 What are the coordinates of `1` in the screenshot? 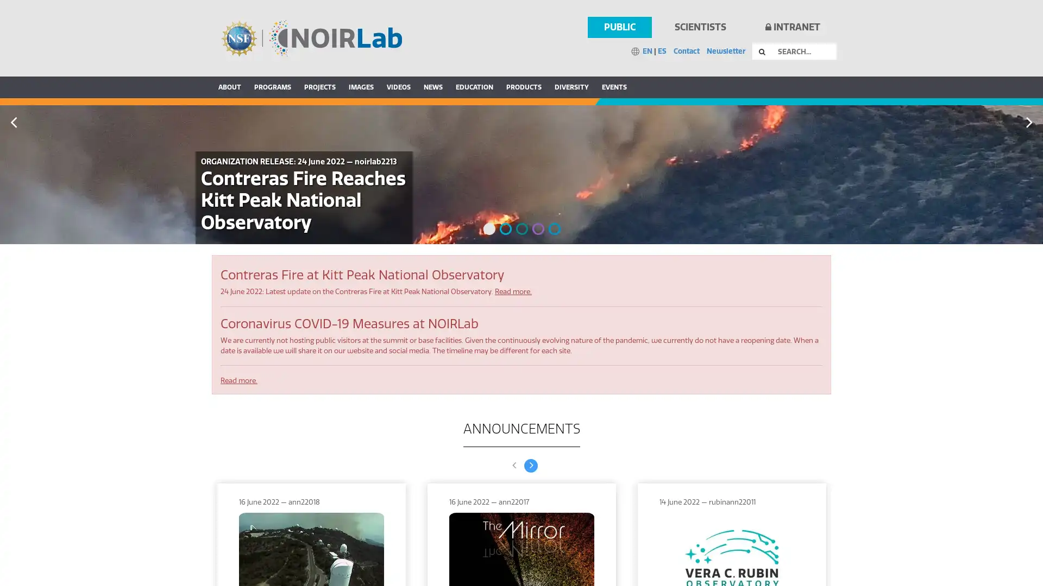 It's located at (489, 334).